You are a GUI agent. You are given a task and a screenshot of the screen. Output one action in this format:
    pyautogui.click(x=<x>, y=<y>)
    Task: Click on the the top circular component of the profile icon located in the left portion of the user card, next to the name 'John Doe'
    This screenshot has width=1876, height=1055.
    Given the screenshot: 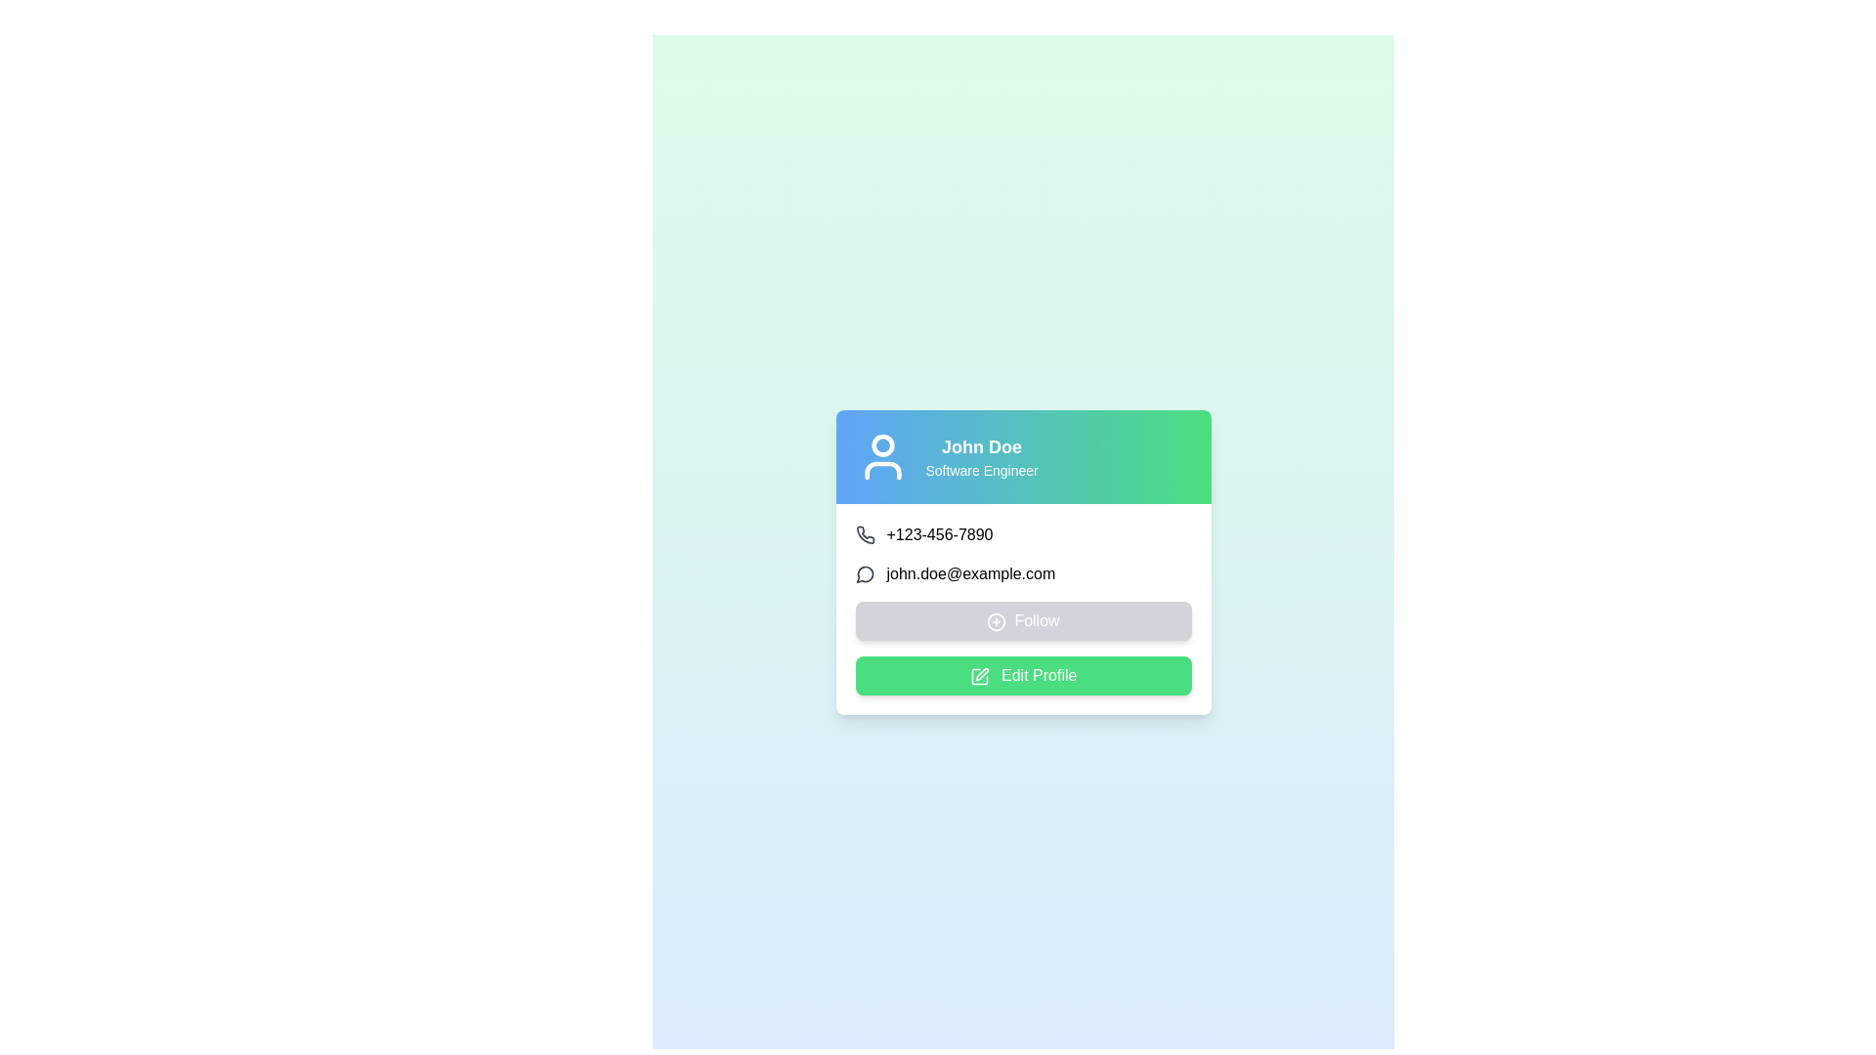 What is the action you would take?
    pyautogui.click(x=881, y=445)
    